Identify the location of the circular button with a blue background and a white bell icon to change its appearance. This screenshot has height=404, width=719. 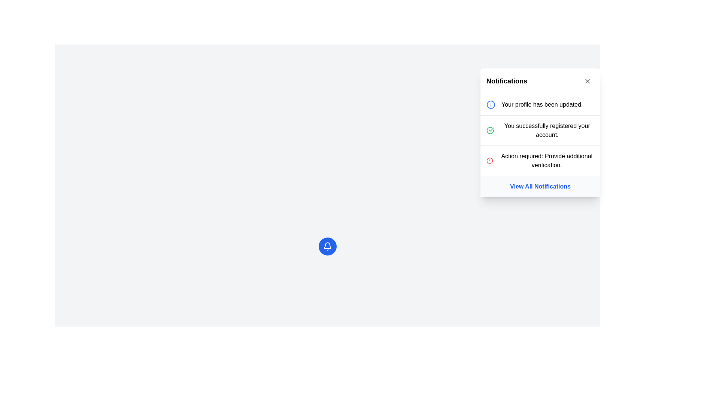
(327, 247).